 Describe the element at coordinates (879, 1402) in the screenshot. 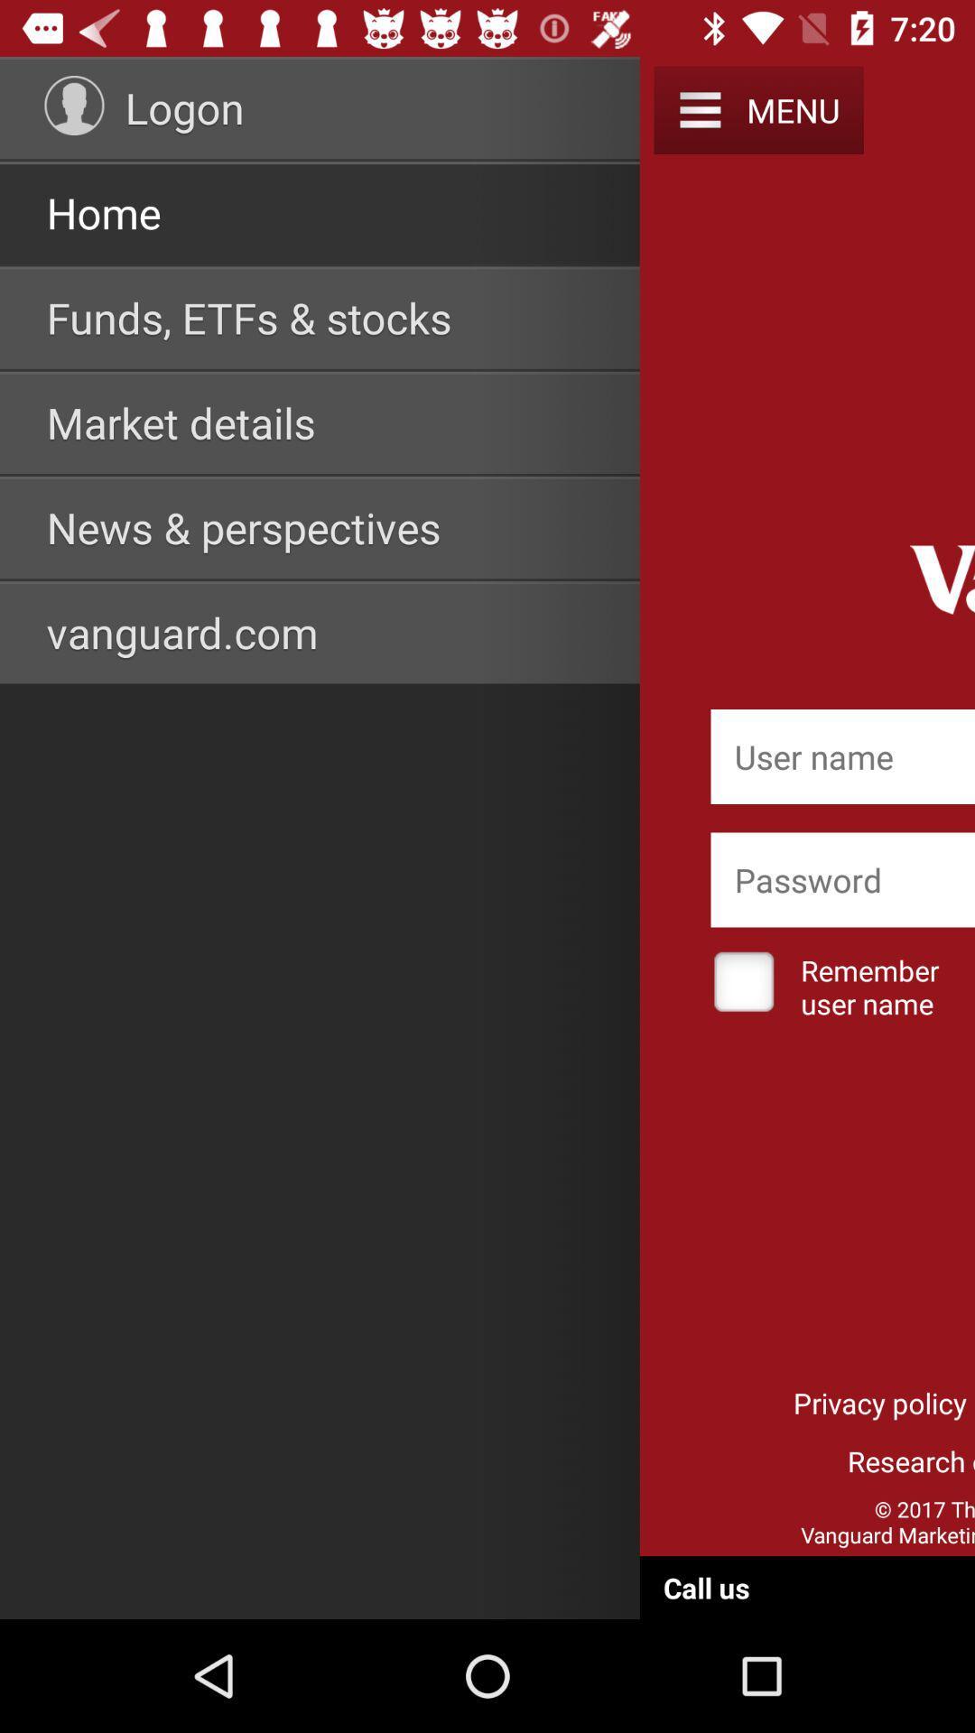

I see `icon above research our firm app` at that location.